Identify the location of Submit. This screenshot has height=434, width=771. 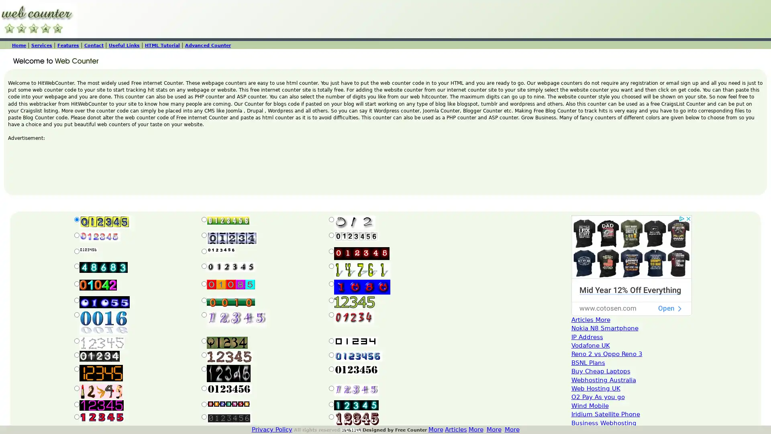
(361, 269).